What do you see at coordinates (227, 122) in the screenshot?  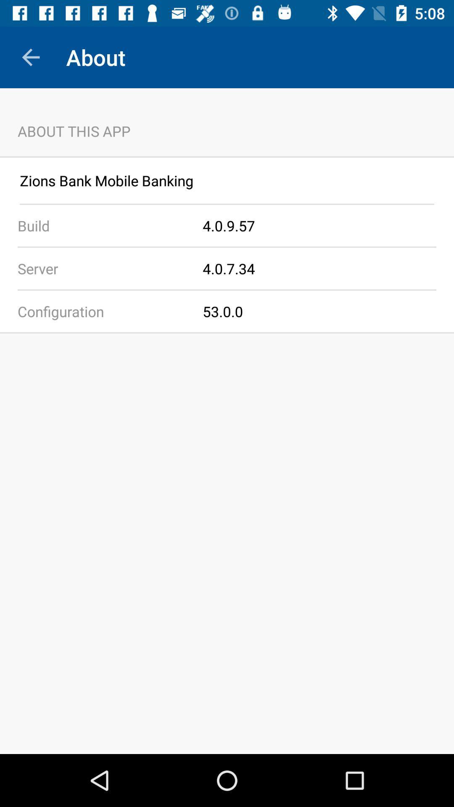 I see `about this app` at bounding box center [227, 122].